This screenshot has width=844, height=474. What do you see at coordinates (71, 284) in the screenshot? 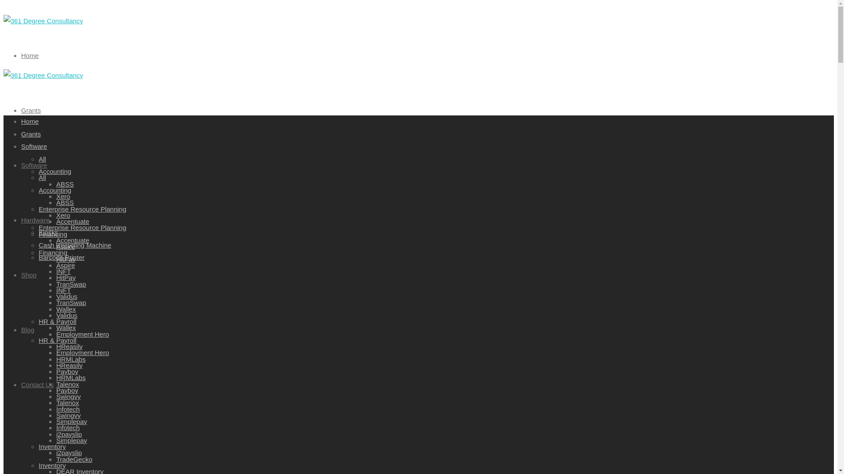
I see `'TranSwap'` at bounding box center [71, 284].